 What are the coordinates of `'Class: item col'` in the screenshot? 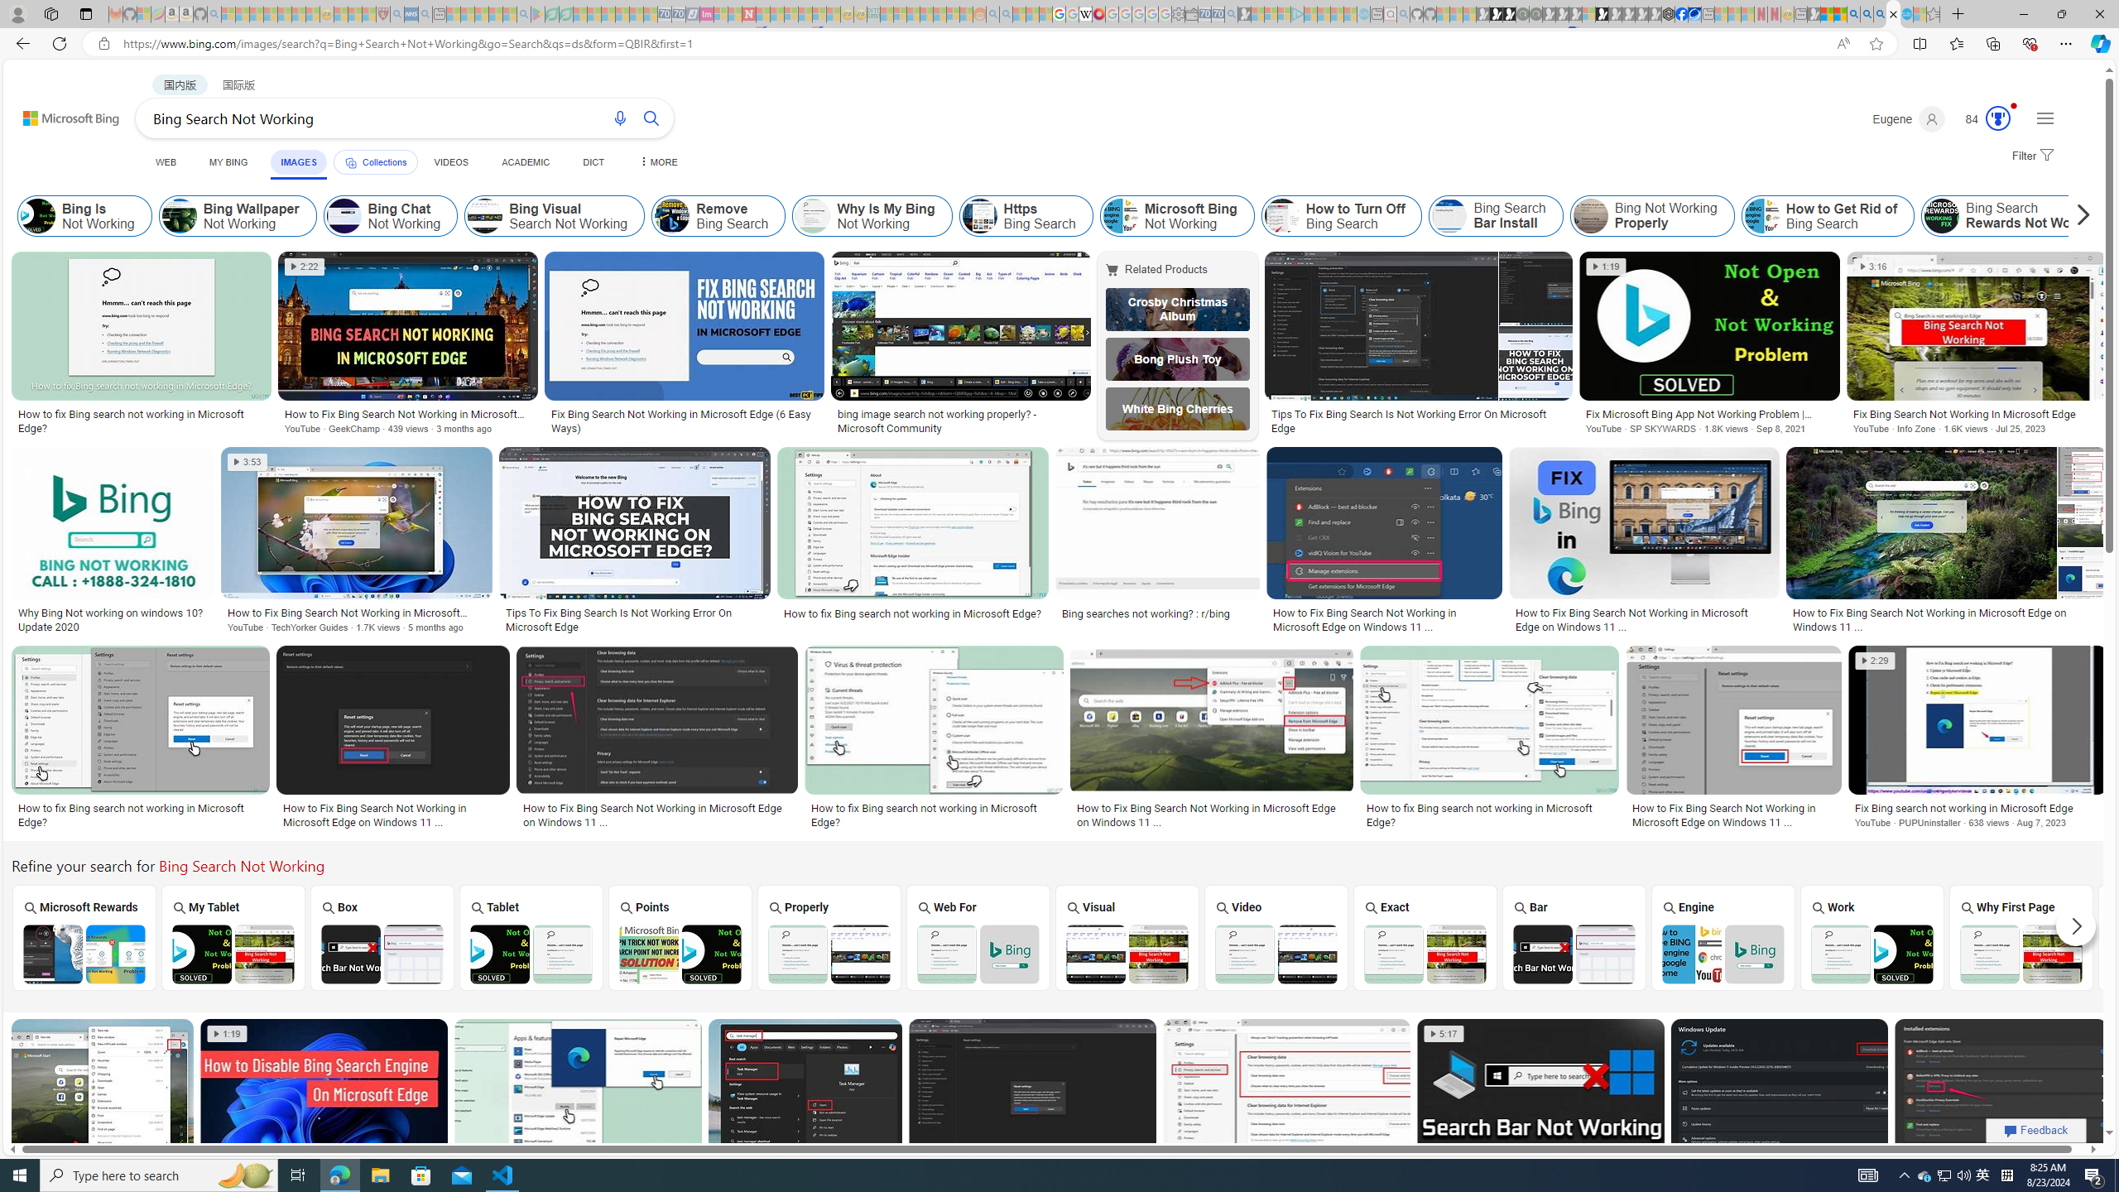 It's located at (2020, 215).